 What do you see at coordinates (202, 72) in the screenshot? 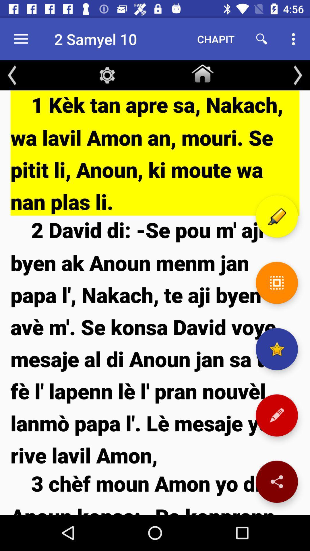
I see `the home icon` at bounding box center [202, 72].